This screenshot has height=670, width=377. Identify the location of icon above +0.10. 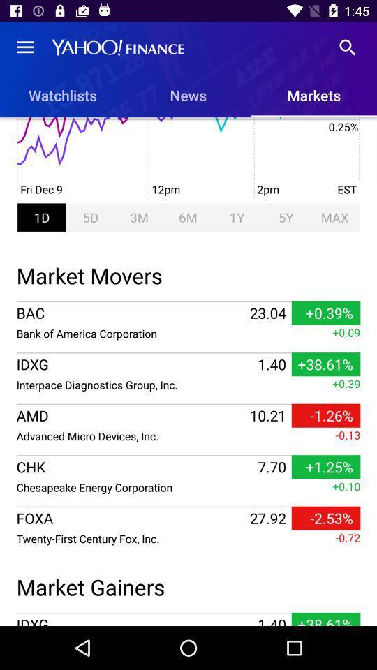
(188, 454).